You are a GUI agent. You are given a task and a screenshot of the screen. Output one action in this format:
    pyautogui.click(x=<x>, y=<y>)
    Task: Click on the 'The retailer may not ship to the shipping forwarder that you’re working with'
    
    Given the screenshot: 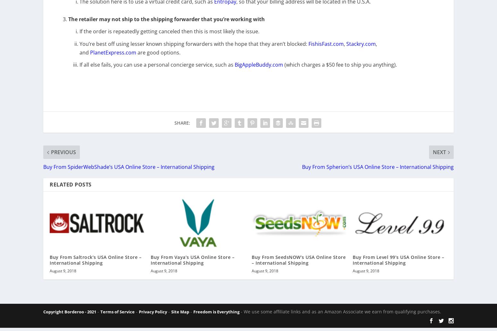 What is the action you would take?
    pyautogui.click(x=166, y=23)
    